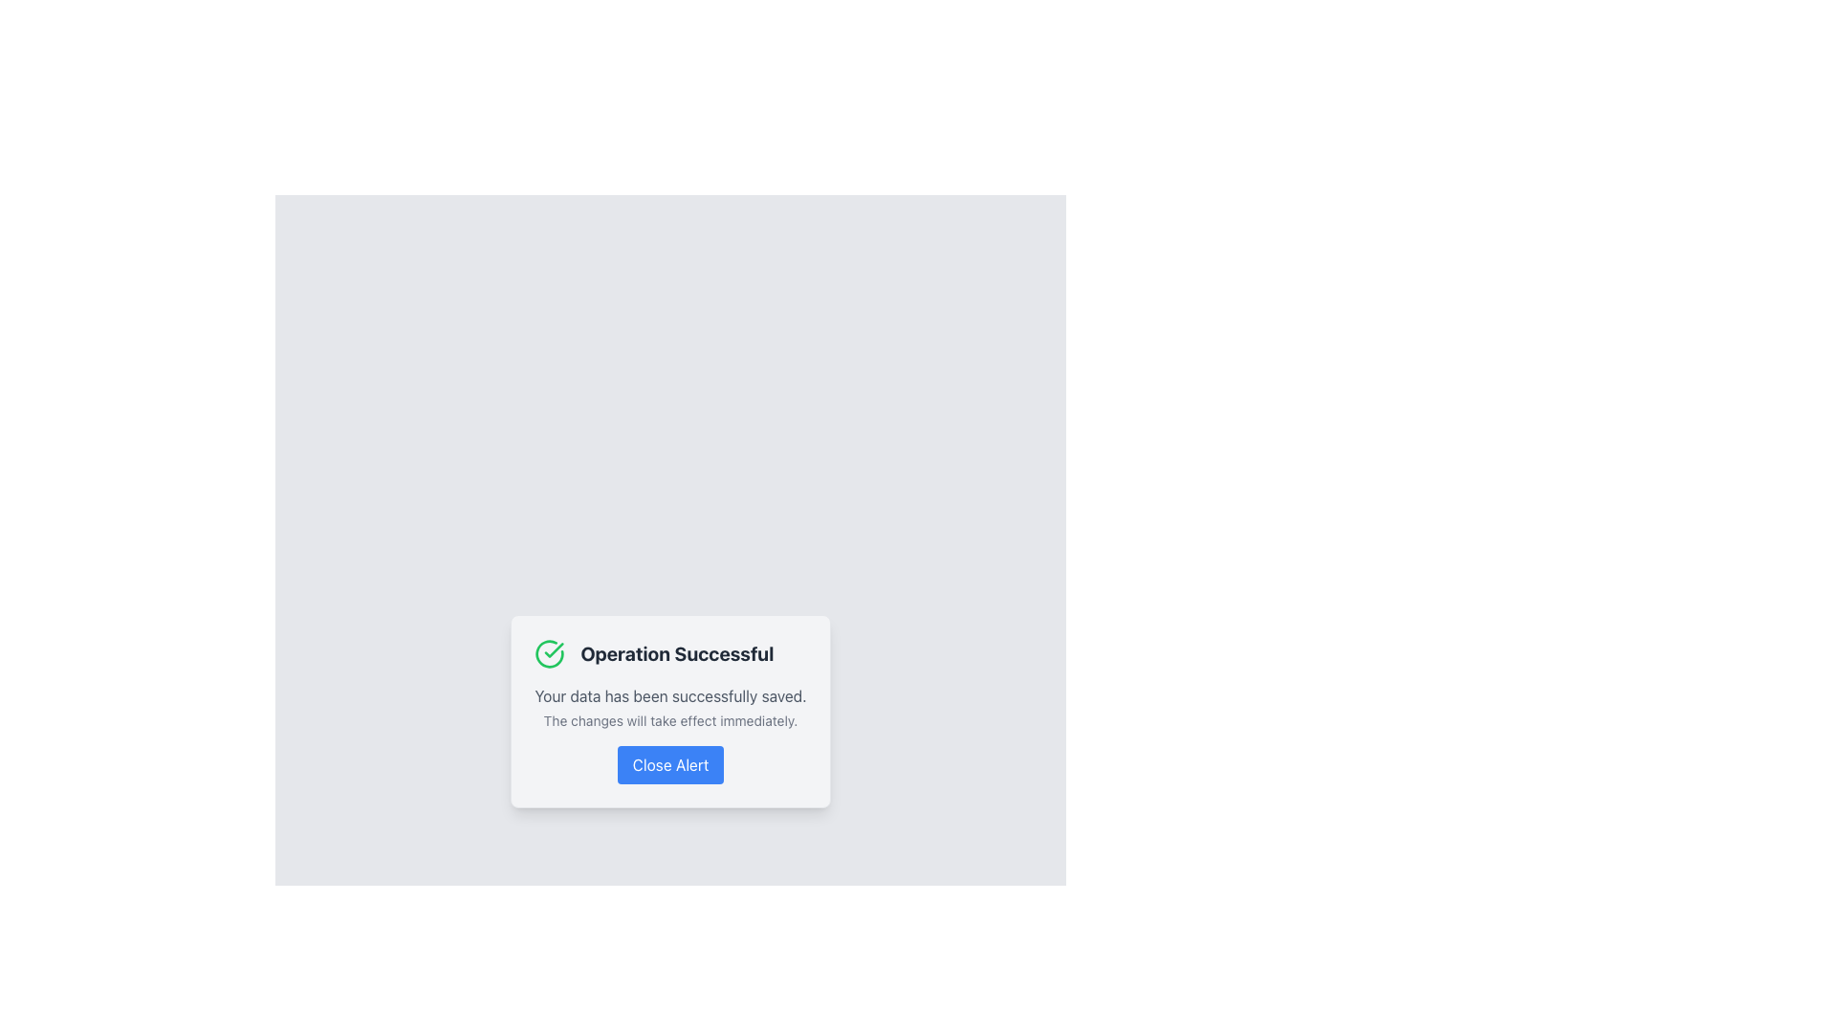  What do you see at coordinates (670, 720) in the screenshot?
I see `text 'The changes will take effect immediately.' from the notification box, which is styled in a small gray font and is the second line of text following 'Your data has been successfully saved.'` at bounding box center [670, 720].